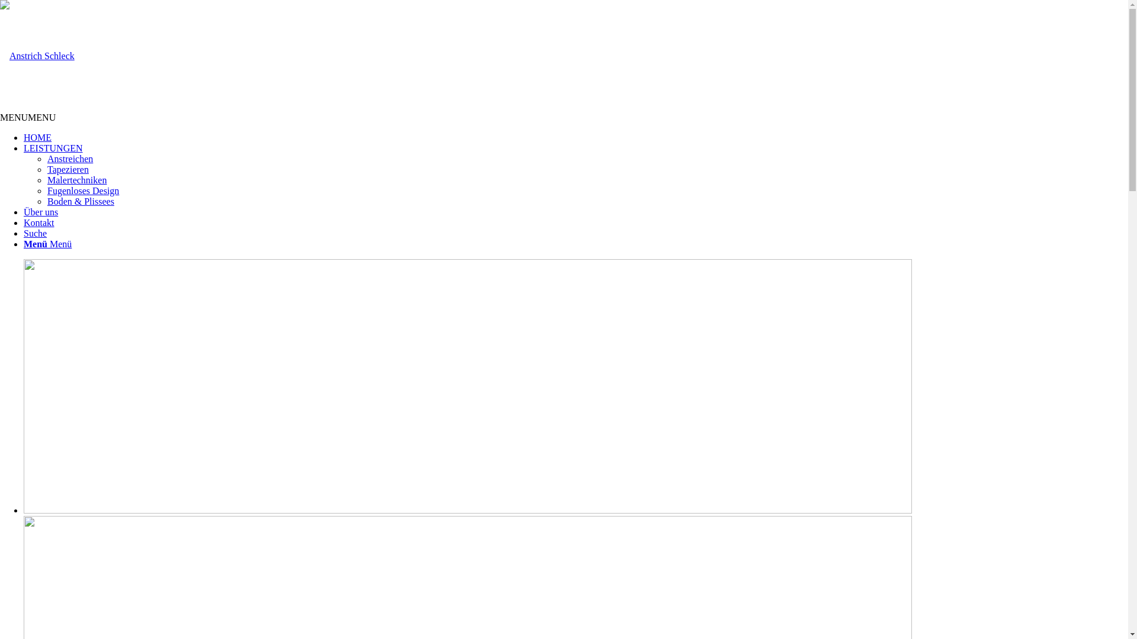 Image resolution: width=1137 pixels, height=639 pixels. I want to click on 'Malertechniken', so click(76, 180).